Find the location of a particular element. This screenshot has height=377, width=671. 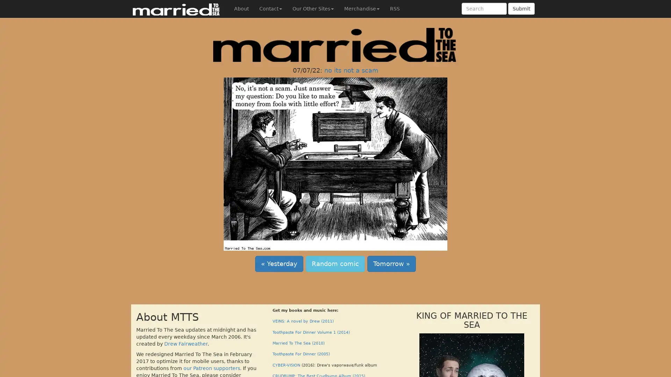

Tomorrow is located at coordinates (391, 264).